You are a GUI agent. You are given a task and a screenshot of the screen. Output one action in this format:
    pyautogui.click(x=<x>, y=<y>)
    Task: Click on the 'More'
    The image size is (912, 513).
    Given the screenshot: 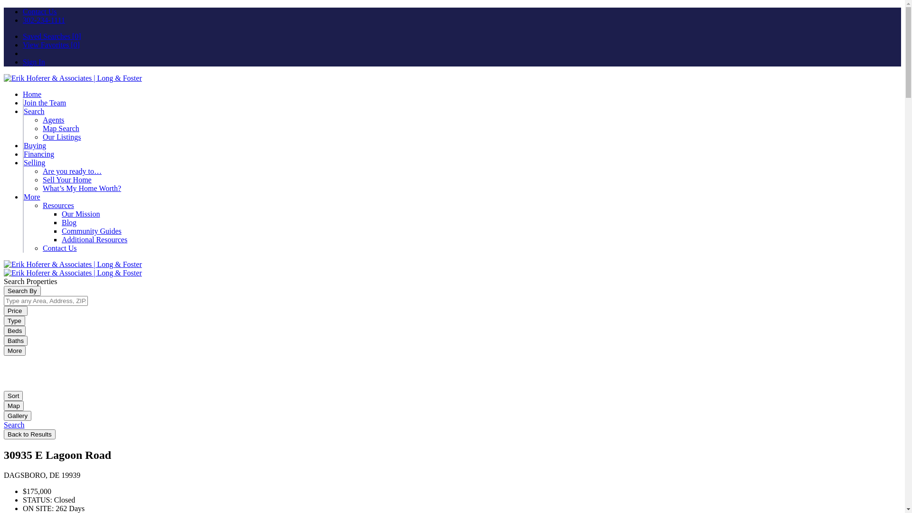 What is the action you would take?
    pyautogui.click(x=14, y=351)
    